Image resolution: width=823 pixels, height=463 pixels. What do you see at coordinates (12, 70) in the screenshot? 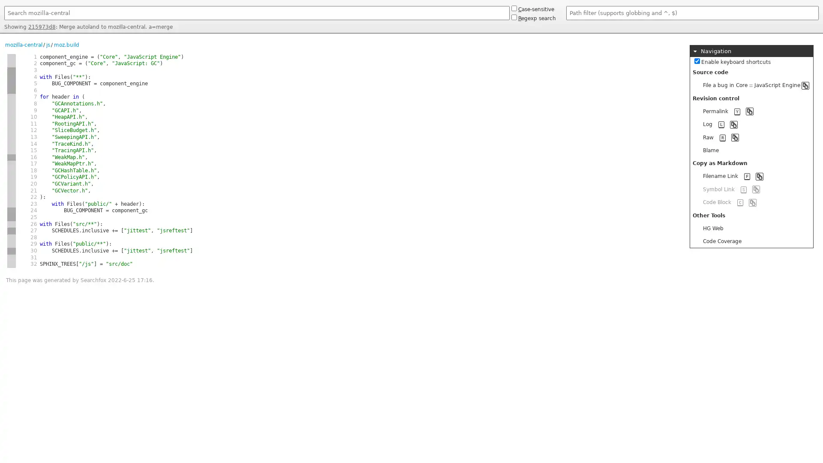
I see `new hash 2` at bounding box center [12, 70].